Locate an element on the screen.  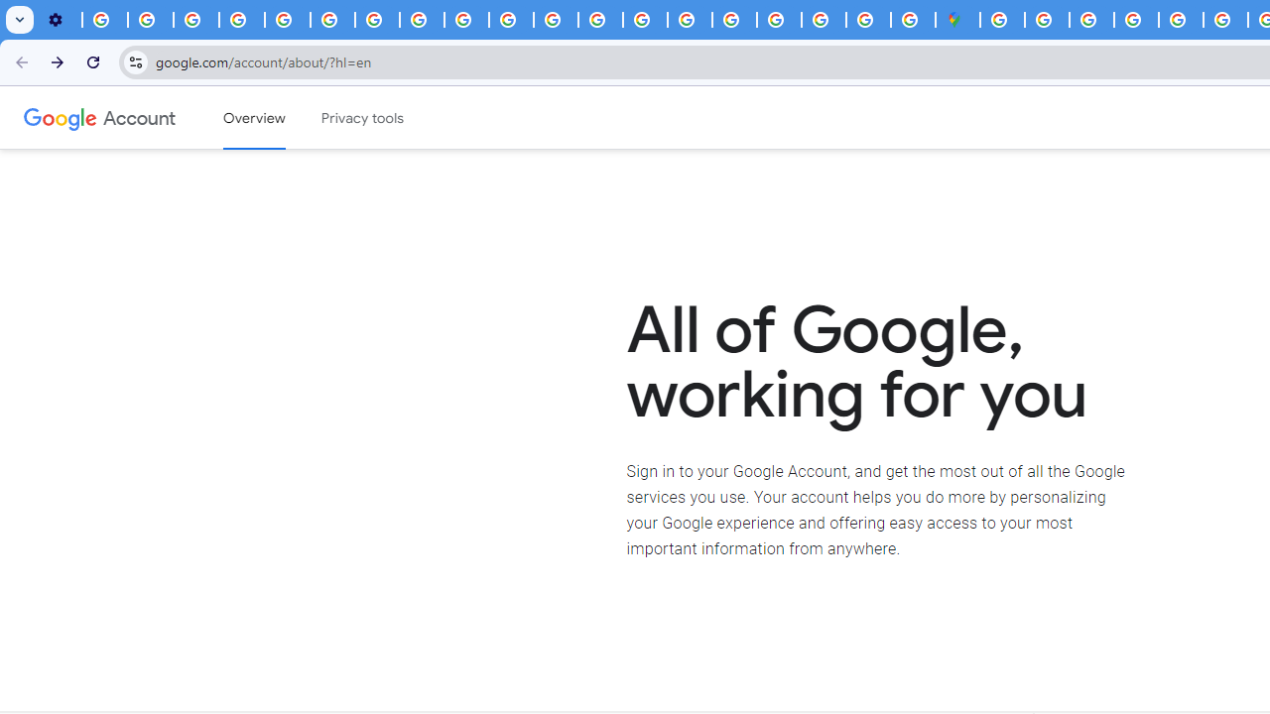
'Google Account' is located at coordinates (138, 117).